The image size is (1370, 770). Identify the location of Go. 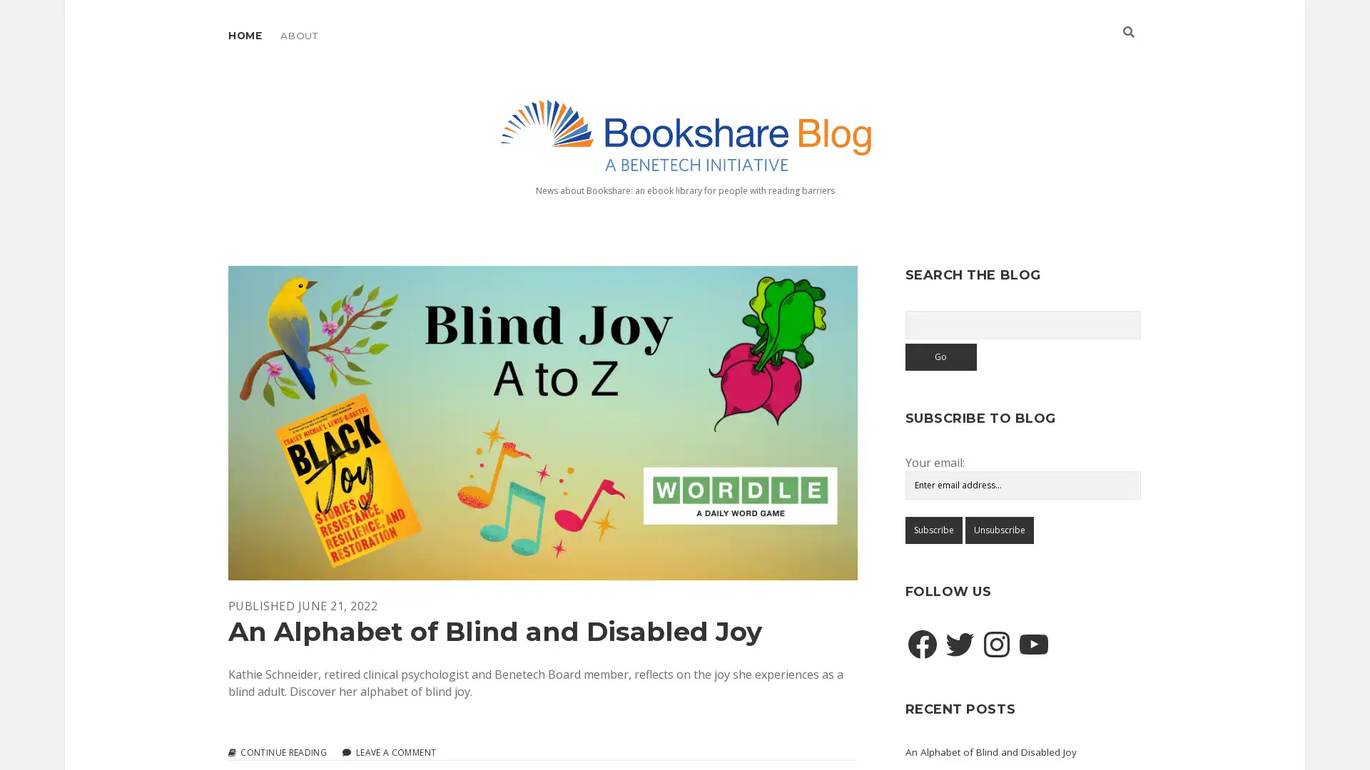
(940, 356).